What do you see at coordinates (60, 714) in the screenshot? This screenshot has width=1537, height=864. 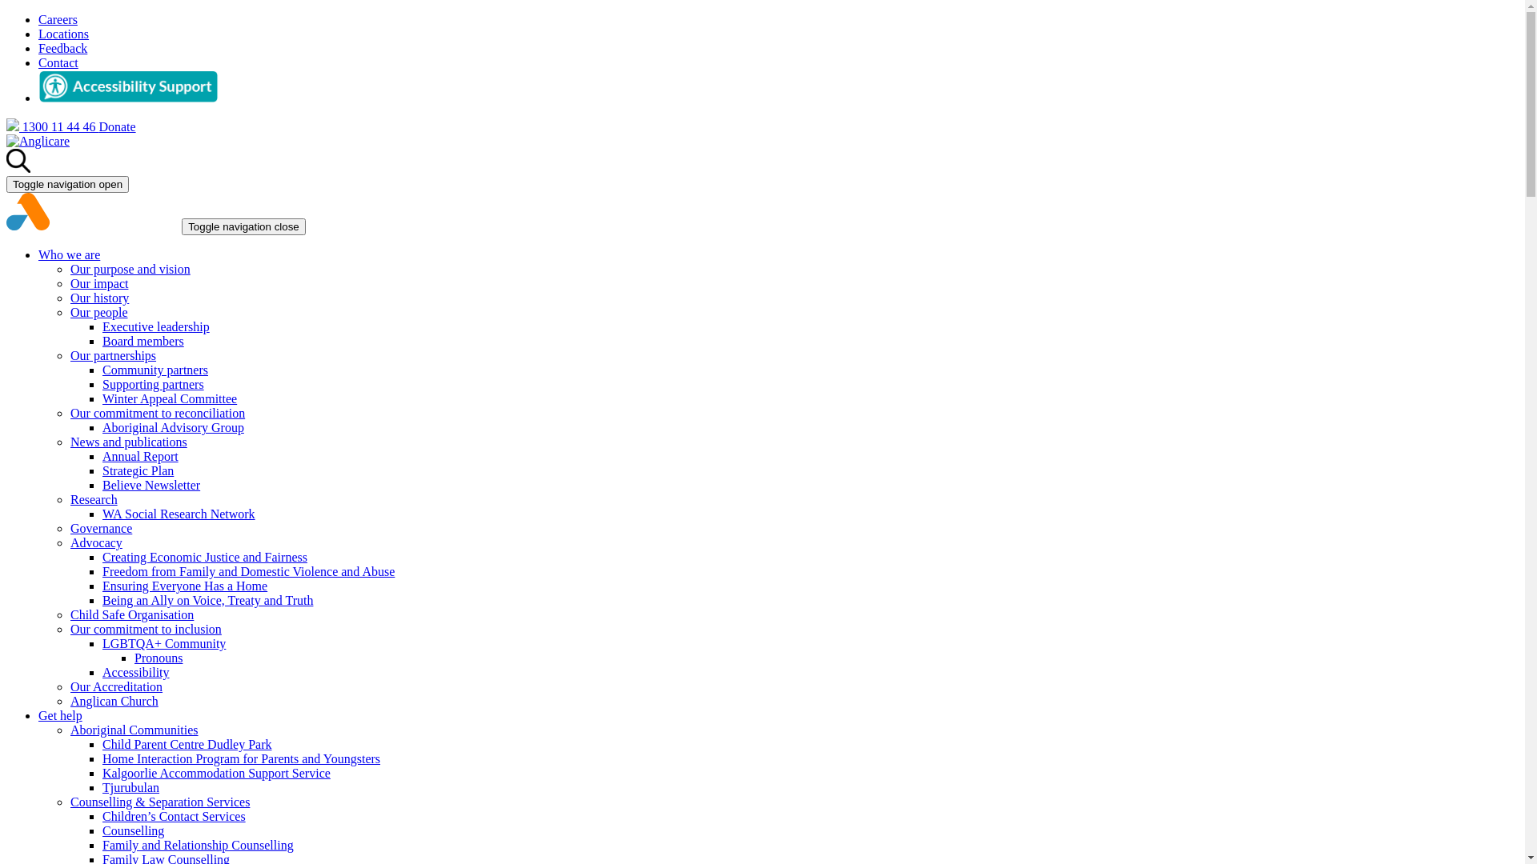 I see `'Get help'` at bounding box center [60, 714].